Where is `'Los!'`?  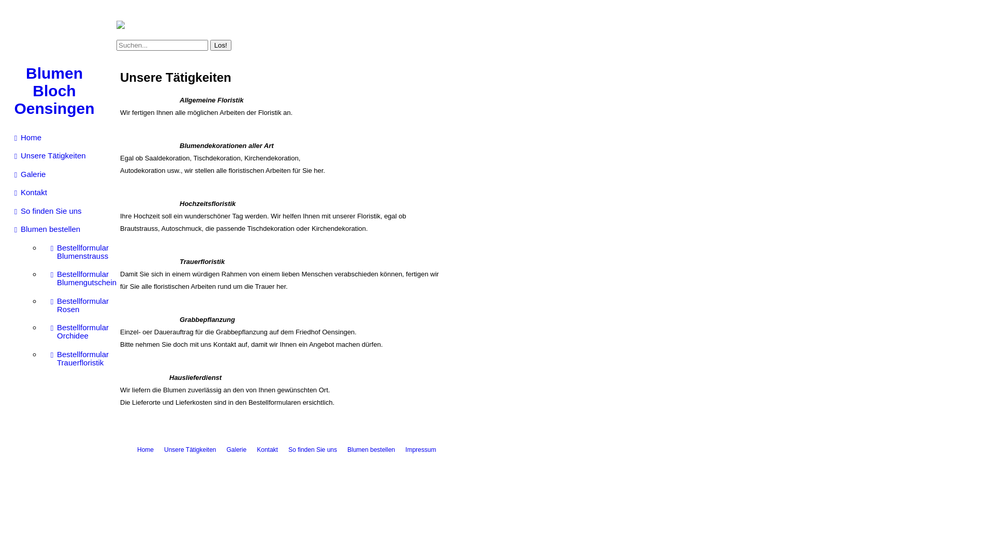
'Los!' is located at coordinates (220, 44).